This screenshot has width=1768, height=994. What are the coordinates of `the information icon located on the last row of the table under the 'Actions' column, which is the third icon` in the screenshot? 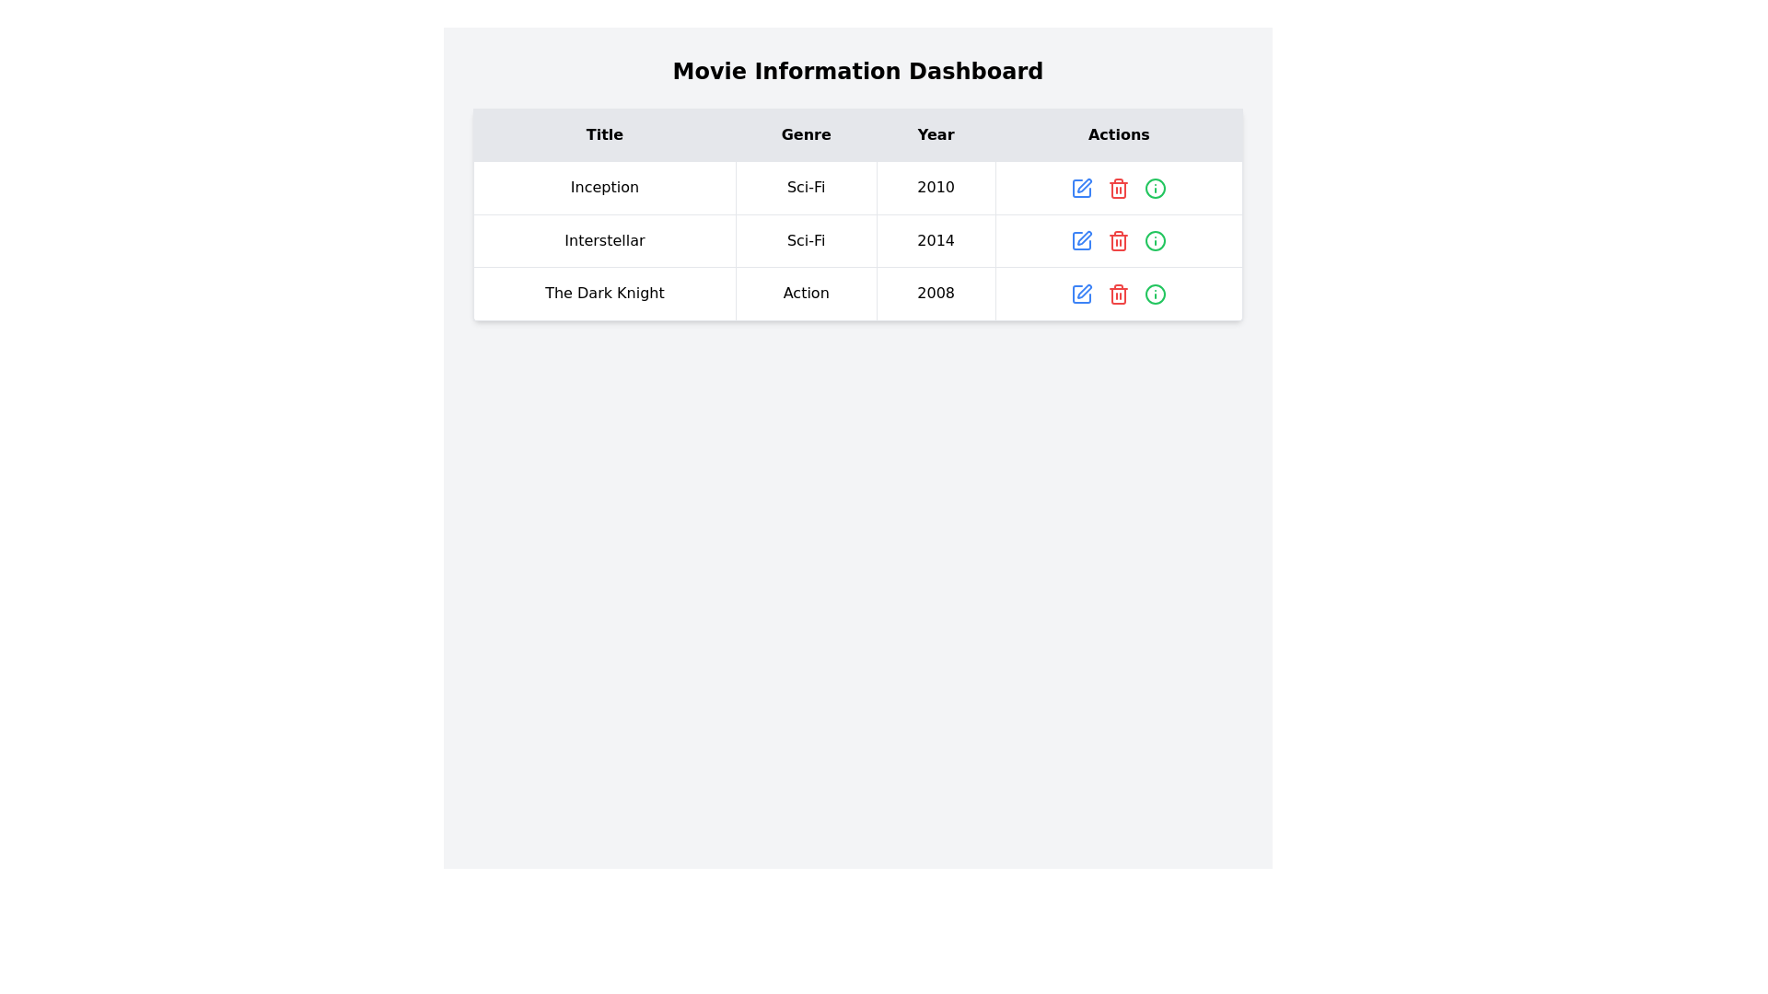 It's located at (1155, 188).